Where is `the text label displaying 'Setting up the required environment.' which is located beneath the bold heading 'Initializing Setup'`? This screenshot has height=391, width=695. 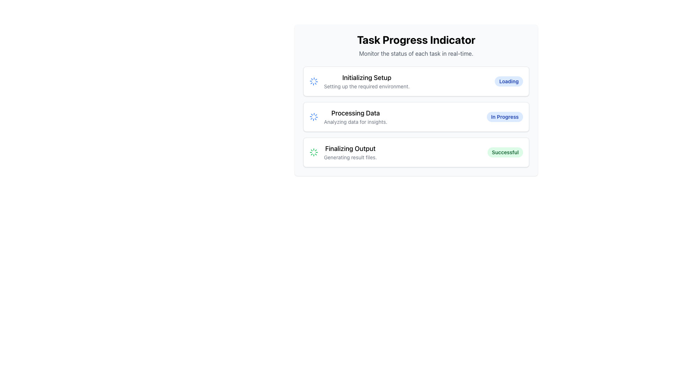
the text label displaying 'Setting up the required environment.' which is located beneath the bold heading 'Initializing Setup' is located at coordinates (367, 86).